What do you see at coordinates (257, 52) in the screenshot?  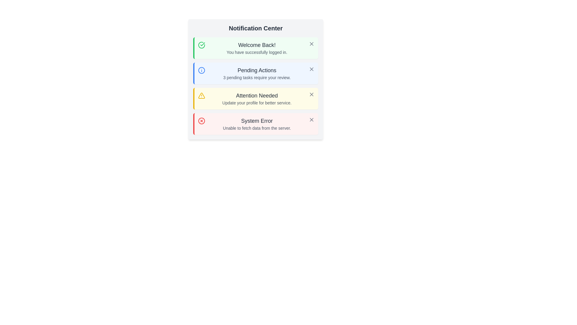 I see `the static text element that displays 'You have successfully logged in.' located under the 'Welcome Back!' header in the green notification card` at bounding box center [257, 52].